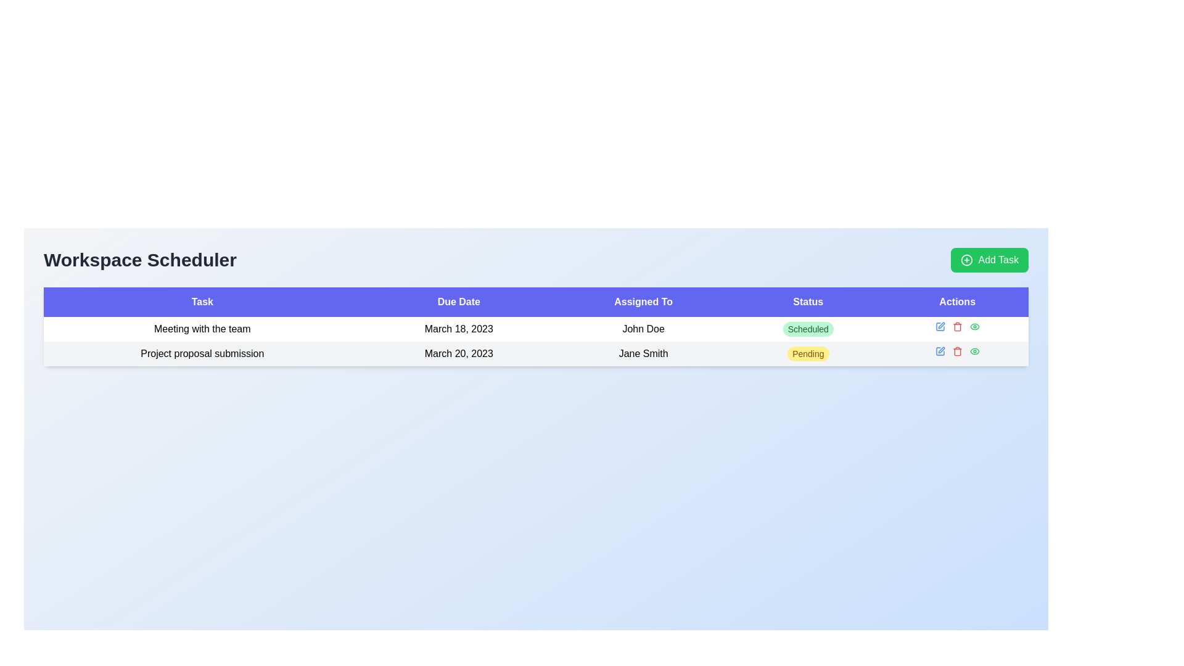  I want to click on the status indicator label that shows 'Scheduled' for the 'Meeting with the team' task, located in the fourth column of the first row, so click(808, 328).